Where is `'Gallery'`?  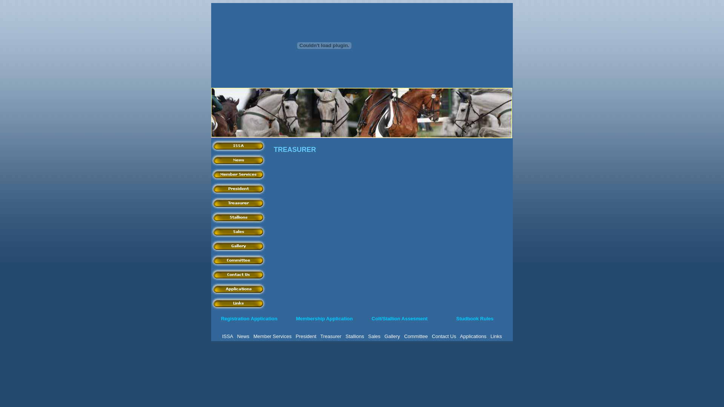
'Gallery' is located at coordinates (238, 245).